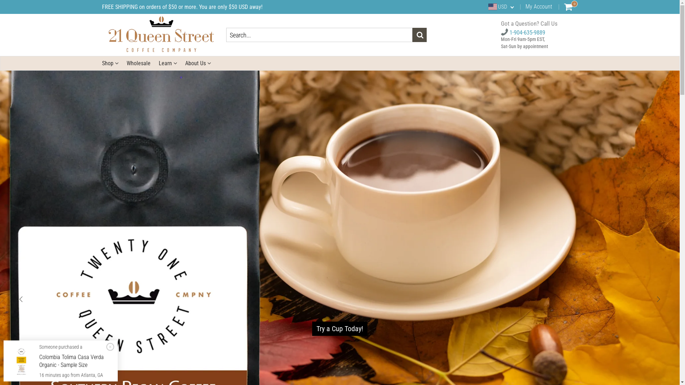 The width and height of the screenshot is (685, 385). What do you see at coordinates (539, 6) in the screenshot?
I see `'My Account'` at bounding box center [539, 6].